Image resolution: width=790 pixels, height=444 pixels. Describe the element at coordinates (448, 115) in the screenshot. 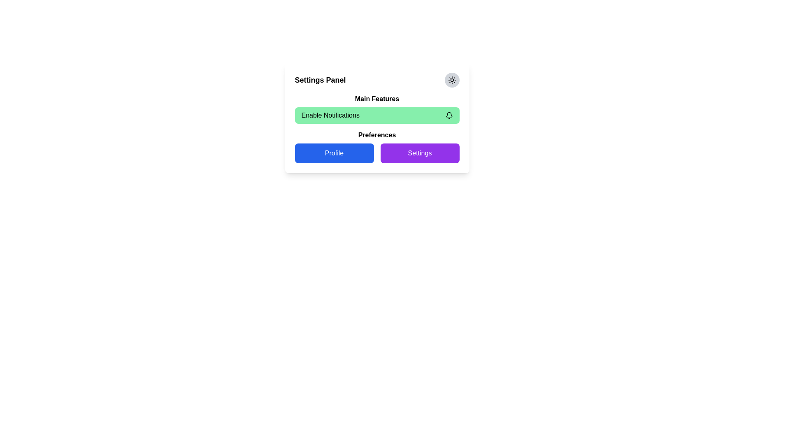

I see `the notification icon located on the right side of the 'Enable Notifications' section in the settings panel` at that location.